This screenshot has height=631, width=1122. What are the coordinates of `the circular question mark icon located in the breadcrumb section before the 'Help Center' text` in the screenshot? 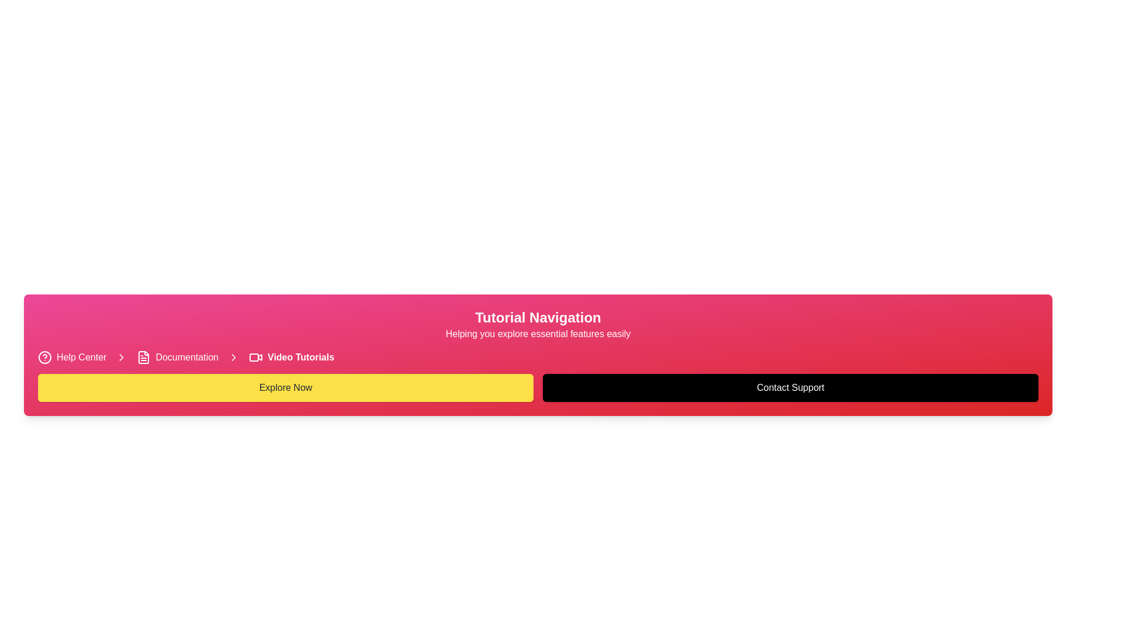 It's located at (44, 357).